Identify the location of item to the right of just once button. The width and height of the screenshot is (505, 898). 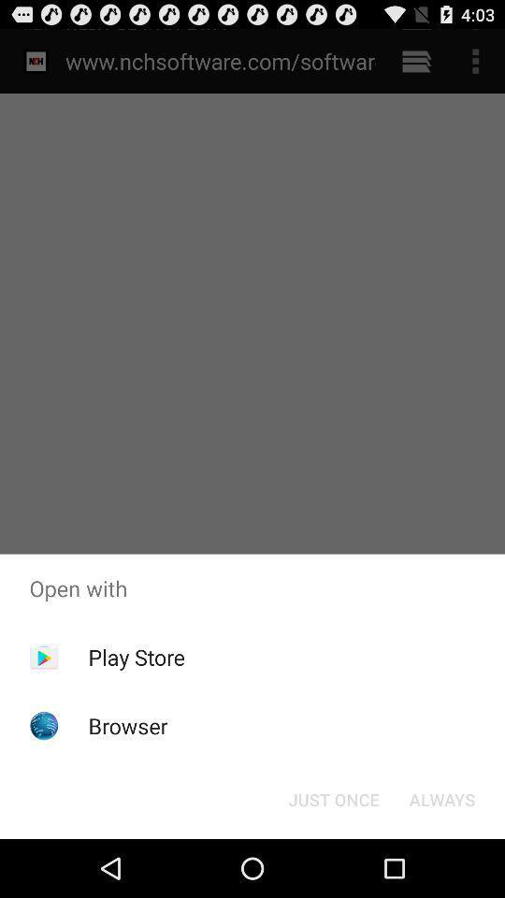
(441, 798).